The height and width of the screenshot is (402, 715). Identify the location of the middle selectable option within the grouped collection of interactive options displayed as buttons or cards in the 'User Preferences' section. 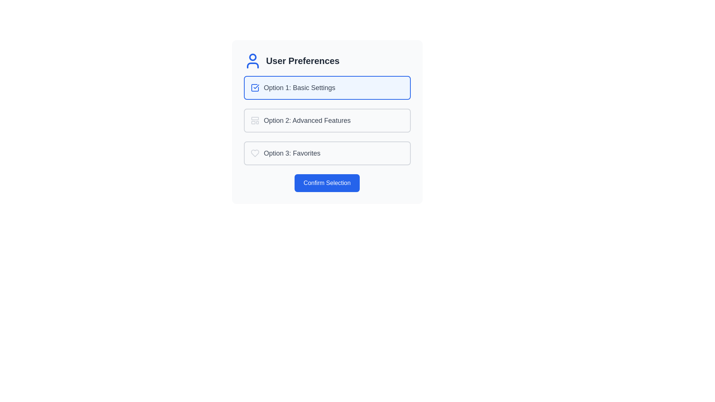
(327, 120).